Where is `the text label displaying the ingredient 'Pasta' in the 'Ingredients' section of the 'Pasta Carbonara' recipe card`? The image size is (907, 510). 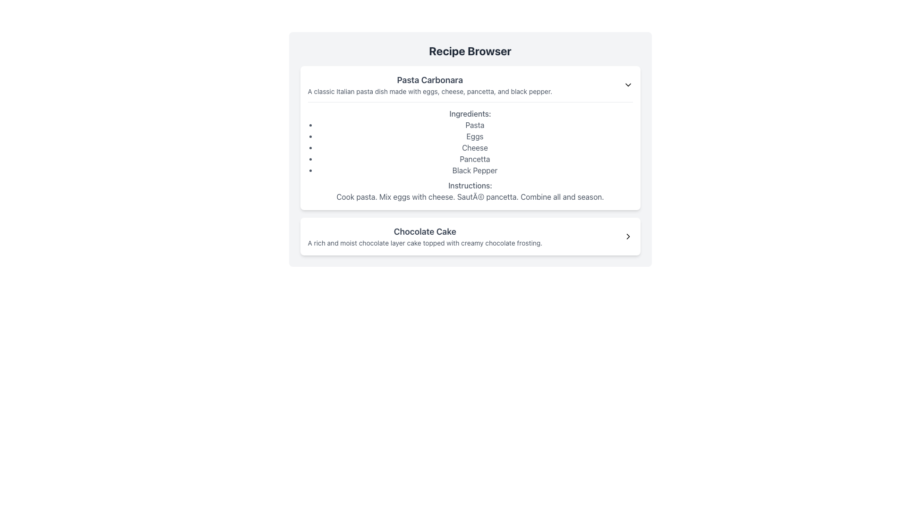 the text label displaying the ingredient 'Pasta' in the 'Ingredients' section of the 'Pasta Carbonara' recipe card is located at coordinates (475, 125).